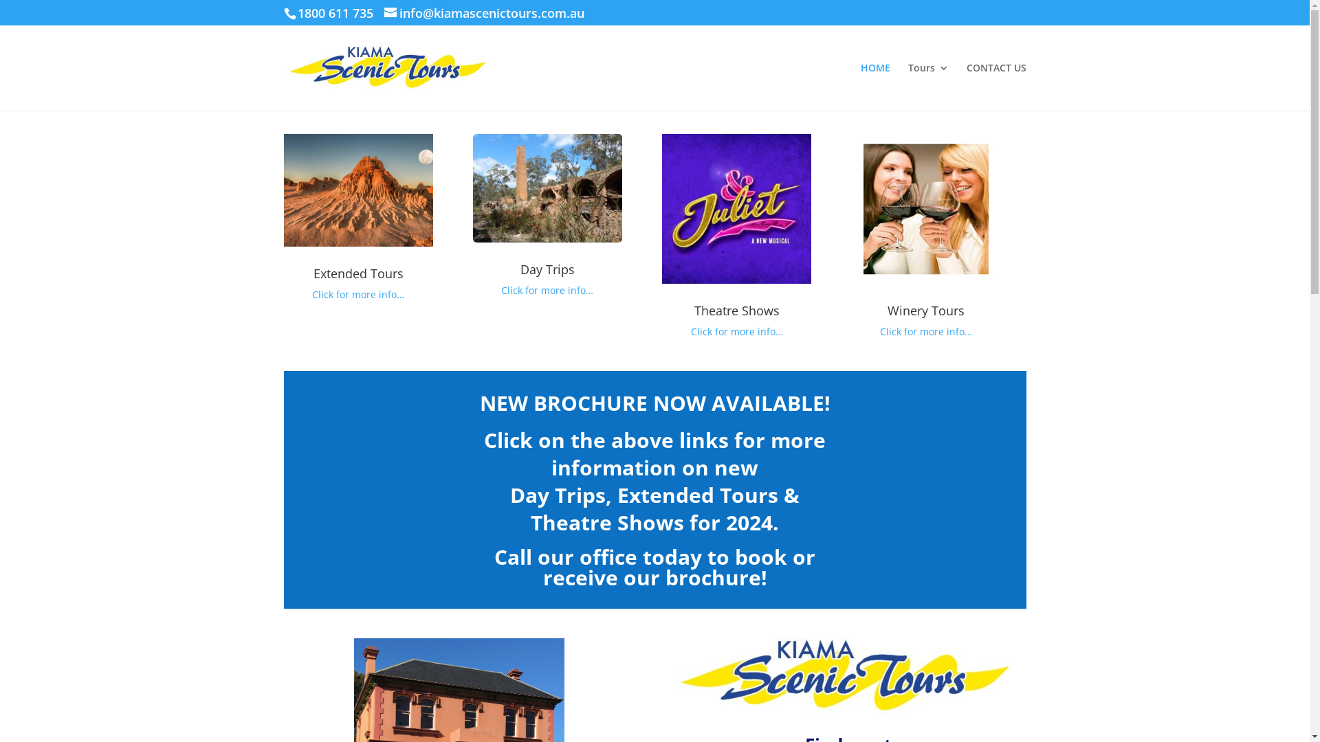 This screenshot has height=742, width=1320. Describe the element at coordinates (547, 269) in the screenshot. I see `'Day Trips'` at that location.